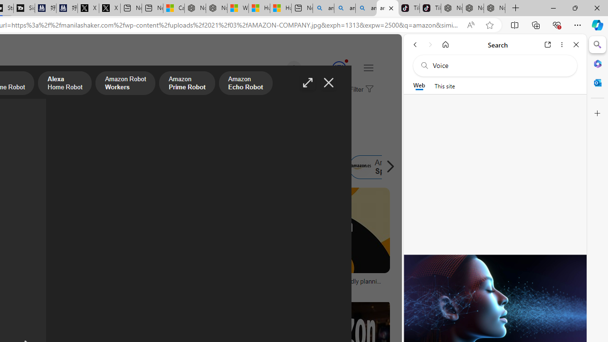  What do you see at coordinates (380, 167) in the screenshot?
I see `'Class: item col'` at bounding box center [380, 167].